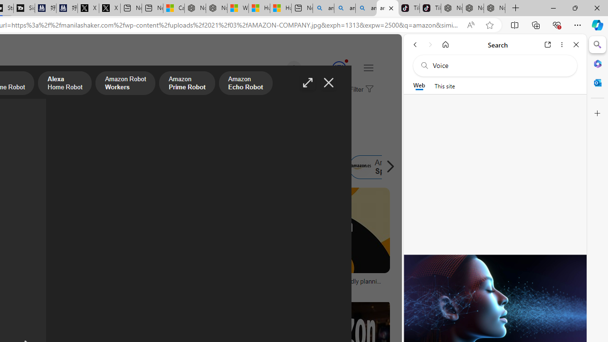  What do you see at coordinates (380, 167) in the screenshot?
I see `'Class: item col'` at bounding box center [380, 167].